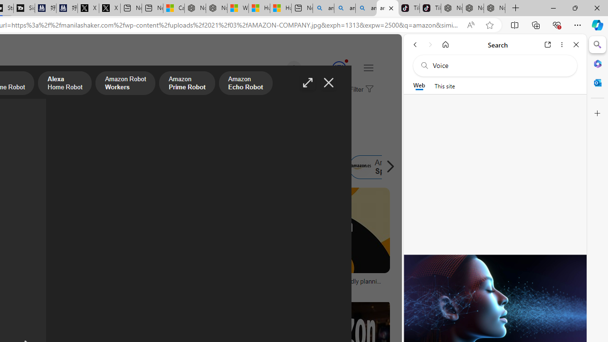  What do you see at coordinates (380, 167) in the screenshot?
I see `'Class: item col'` at bounding box center [380, 167].